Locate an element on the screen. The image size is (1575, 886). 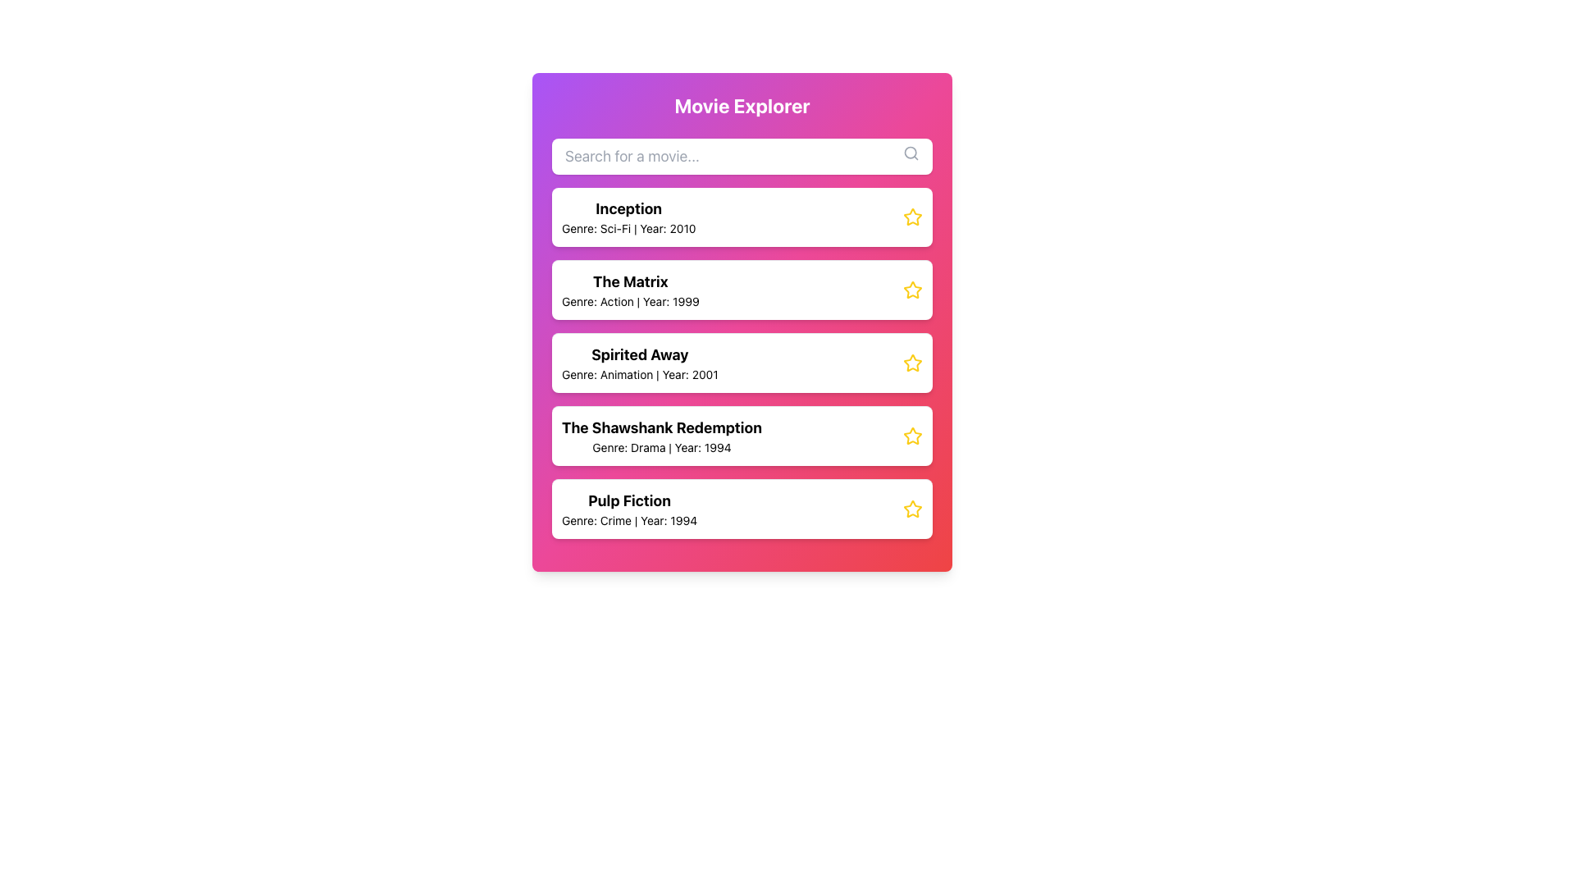
the central circular part of the search icon, which is an SVG circle element representing the lens of the magnifying glass, located in the top-right corner of the search bar labeled 'Search for a movie...' is located at coordinates (910, 153).